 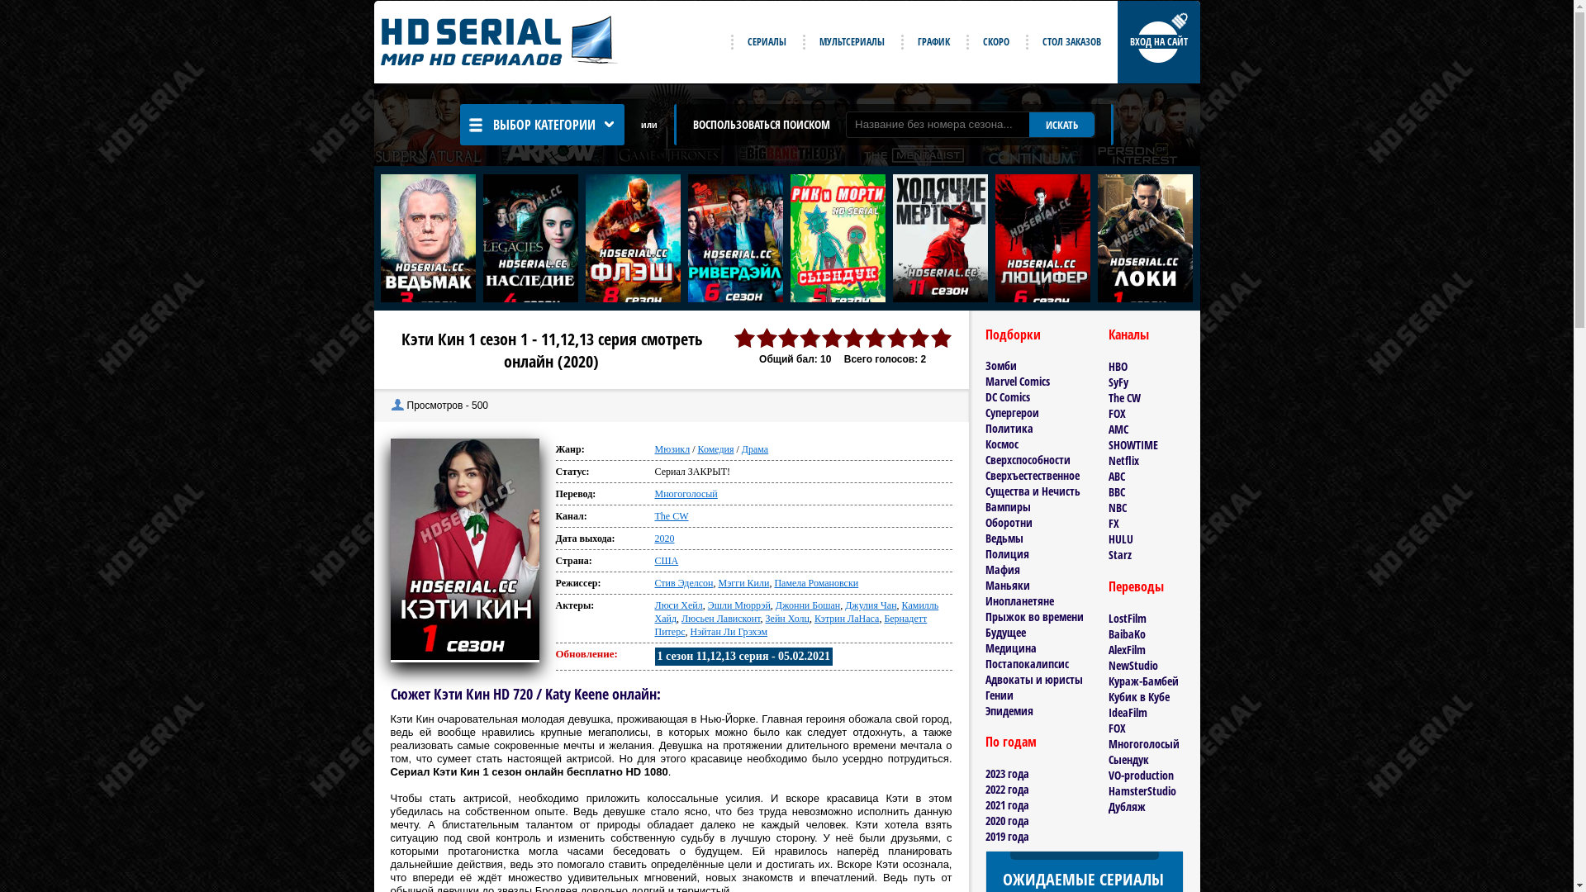 What do you see at coordinates (1117, 476) in the screenshot?
I see `'ABC'` at bounding box center [1117, 476].